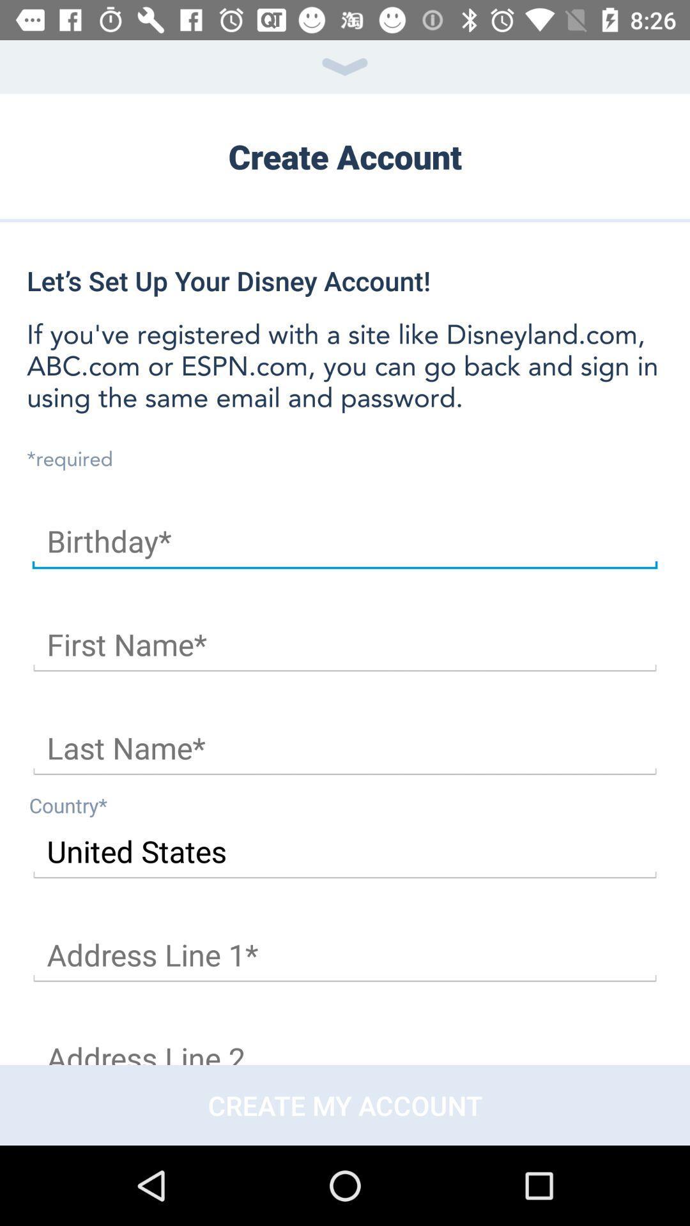 Image resolution: width=690 pixels, height=1226 pixels. Describe the element at coordinates (345, 1045) in the screenshot. I see `address line 2 entry field` at that location.